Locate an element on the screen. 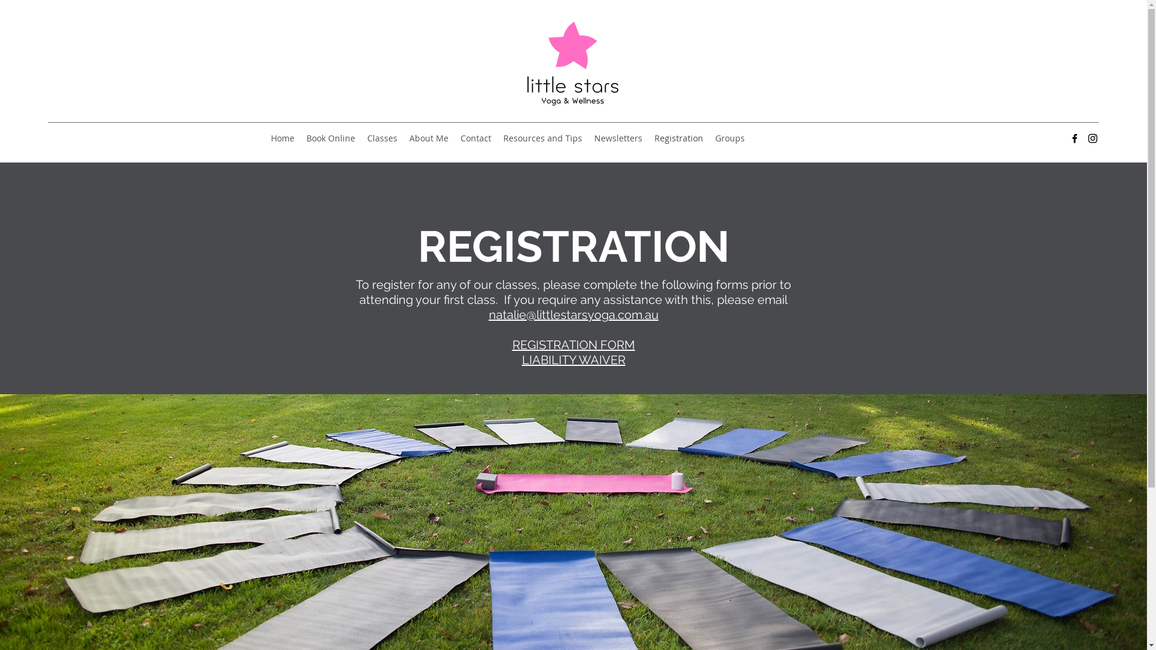 Image resolution: width=1156 pixels, height=650 pixels. 'REGISTRATION FORM' is located at coordinates (511, 345).